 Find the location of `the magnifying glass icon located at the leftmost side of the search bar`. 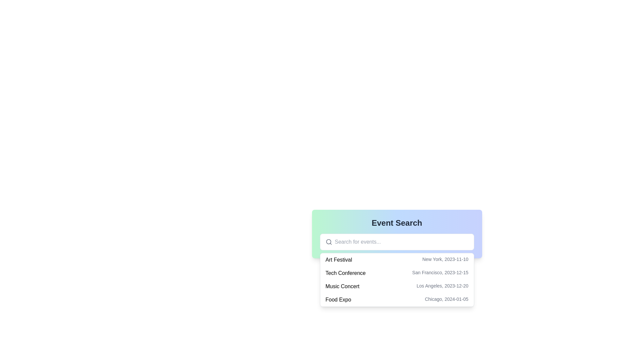

the magnifying glass icon located at the leftmost side of the search bar is located at coordinates (329, 242).